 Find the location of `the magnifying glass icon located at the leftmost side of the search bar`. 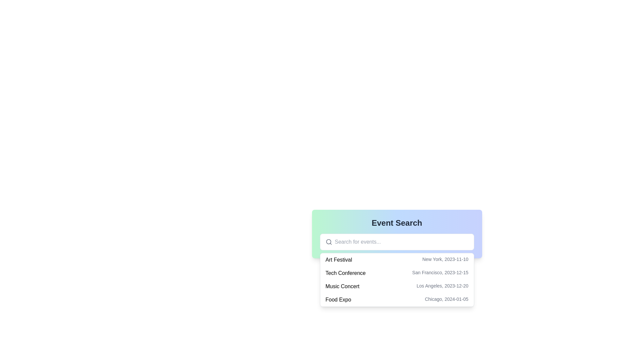

the magnifying glass icon located at the leftmost side of the search bar is located at coordinates (329, 242).